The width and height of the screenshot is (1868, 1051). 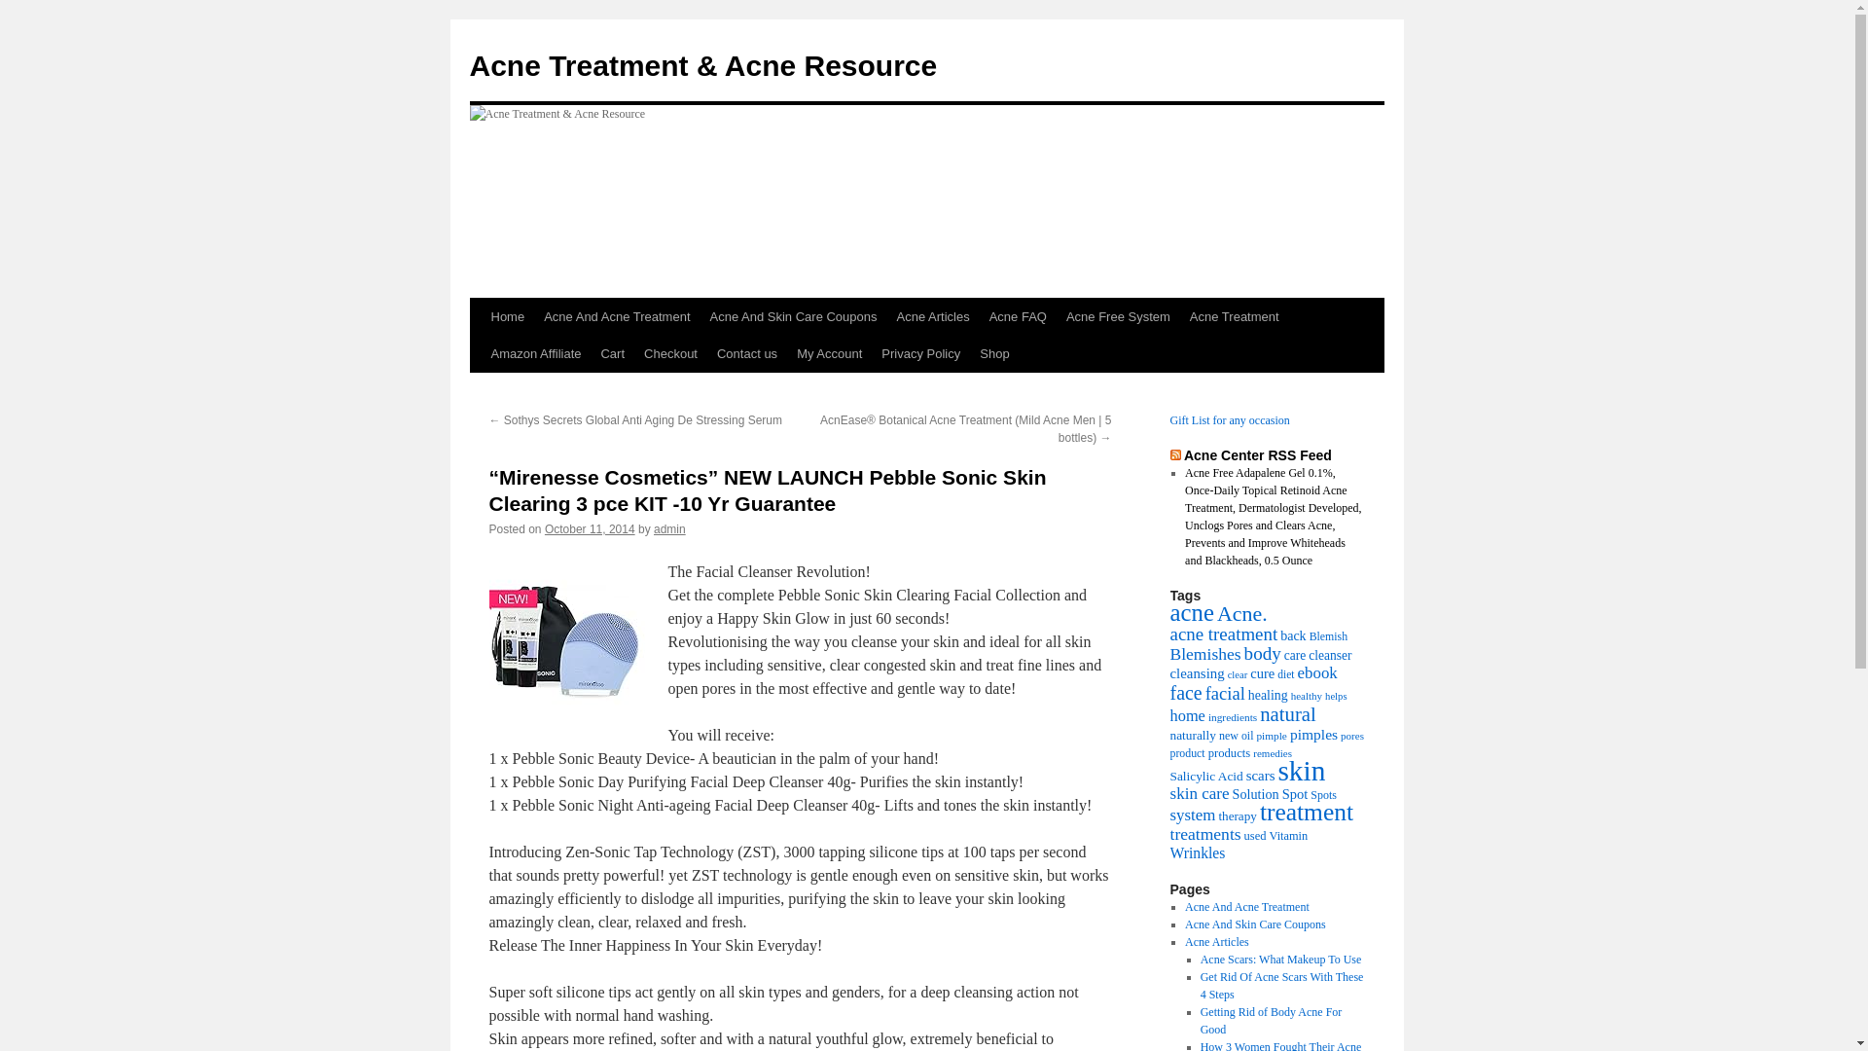 What do you see at coordinates (1260, 713) in the screenshot?
I see `'natural'` at bounding box center [1260, 713].